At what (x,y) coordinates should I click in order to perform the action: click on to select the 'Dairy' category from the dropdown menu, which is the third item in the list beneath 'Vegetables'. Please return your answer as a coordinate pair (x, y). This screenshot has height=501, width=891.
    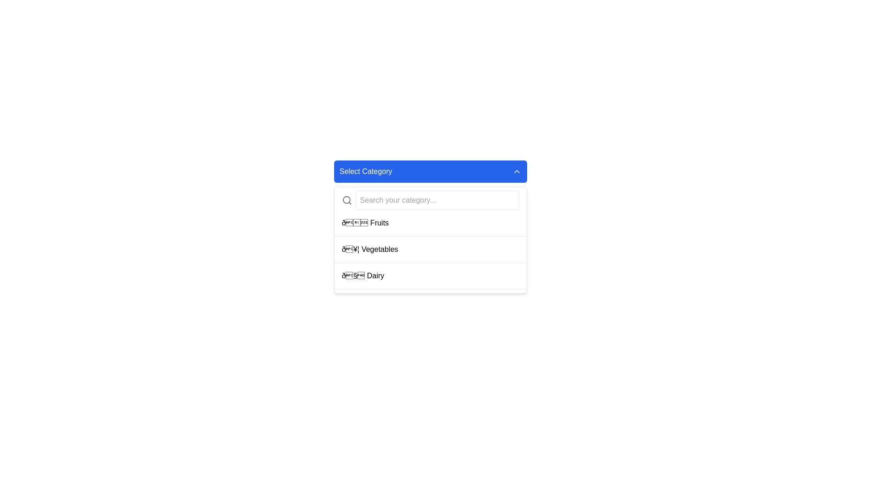
    Looking at the image, I should click on (362, 275).